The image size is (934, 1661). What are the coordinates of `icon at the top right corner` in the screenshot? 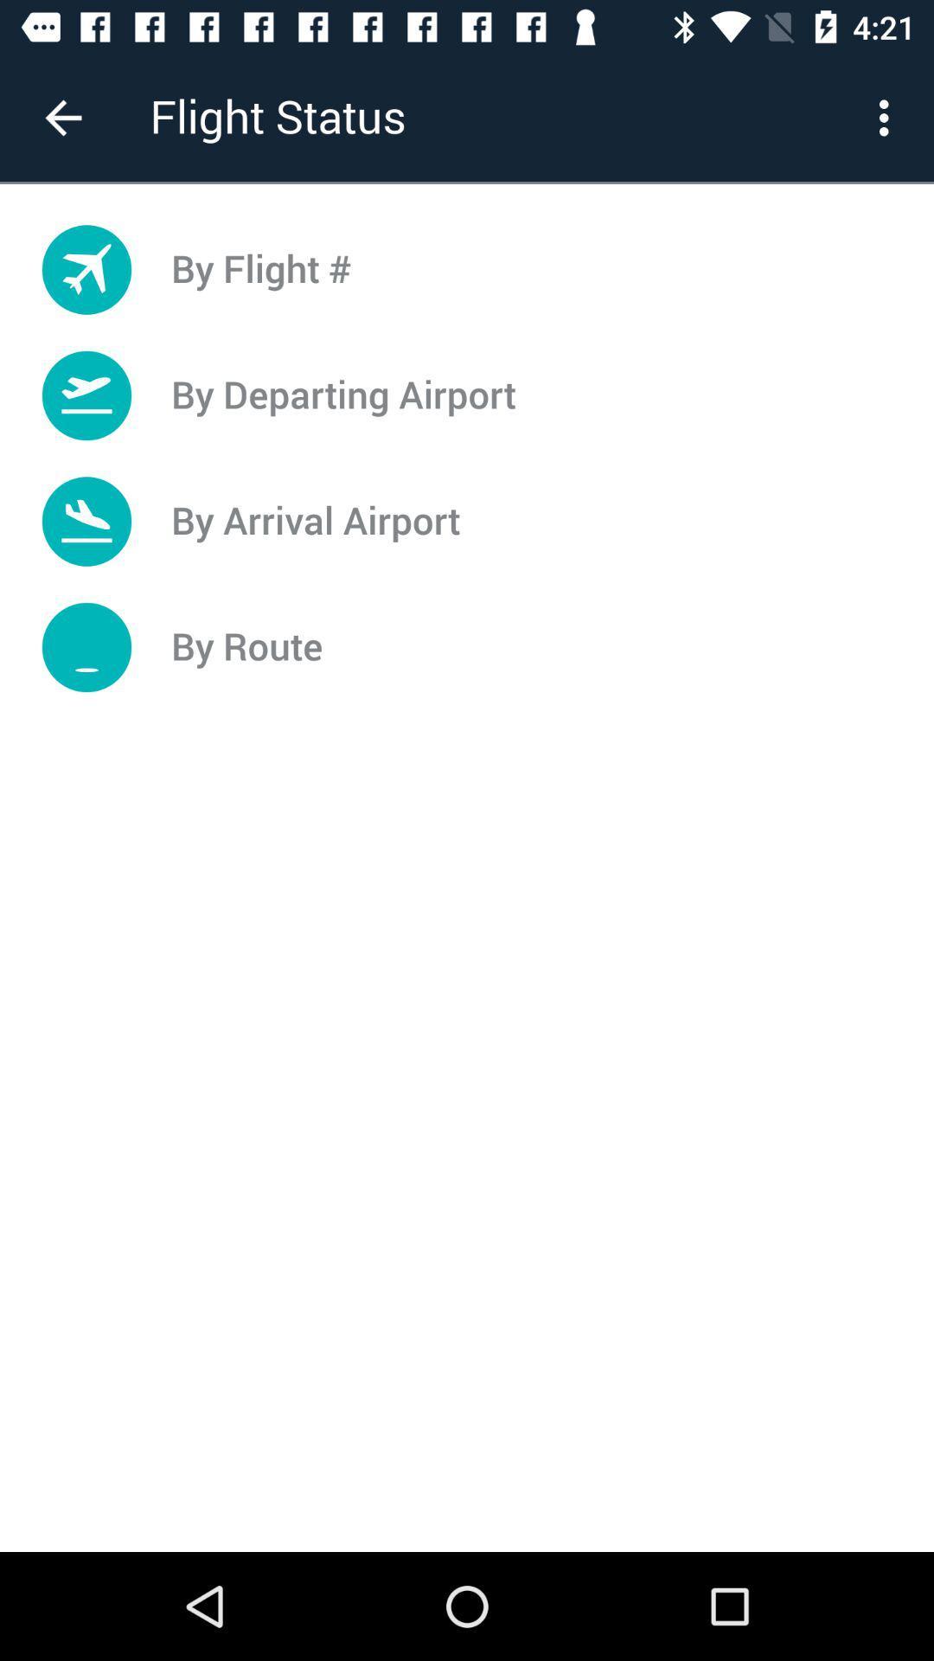 It's located at (888, 117).